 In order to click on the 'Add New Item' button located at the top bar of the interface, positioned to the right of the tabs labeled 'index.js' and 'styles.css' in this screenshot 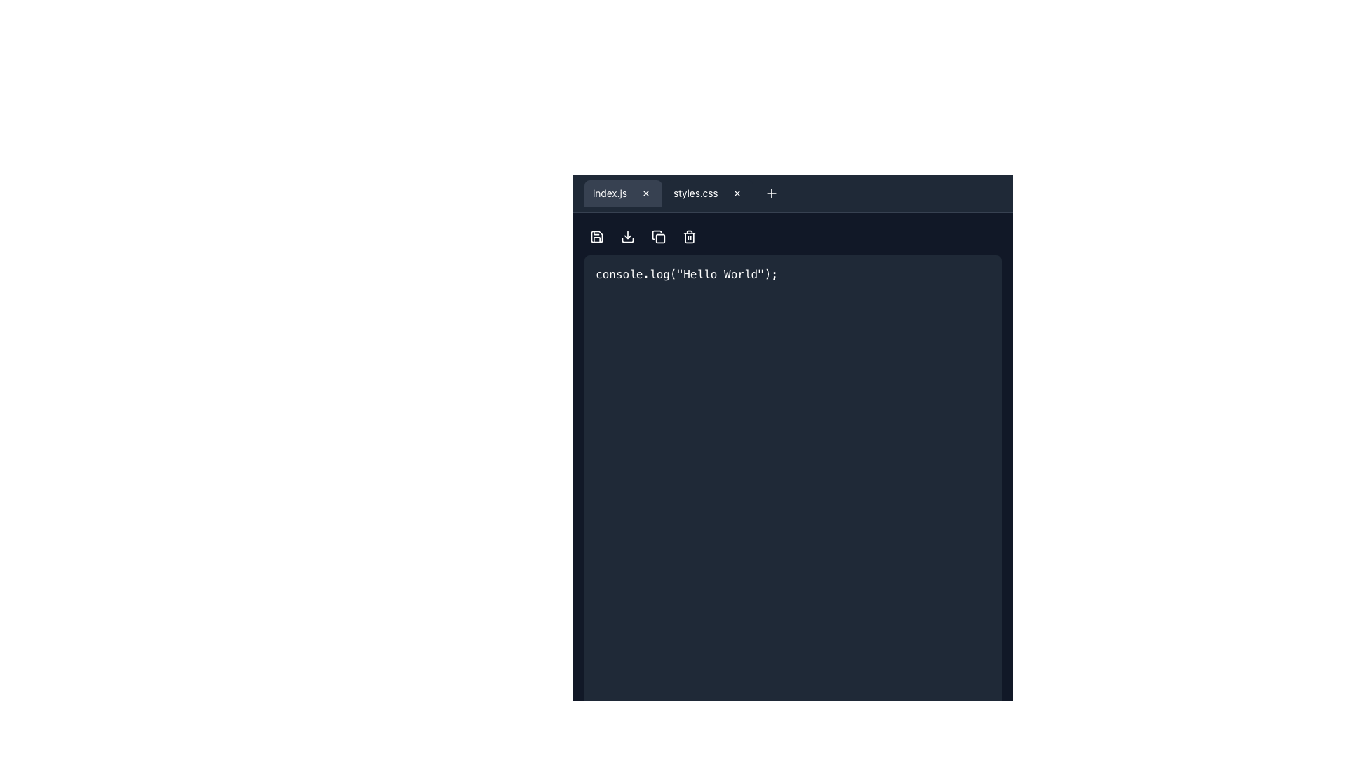, I will do `click(770, 193)`.